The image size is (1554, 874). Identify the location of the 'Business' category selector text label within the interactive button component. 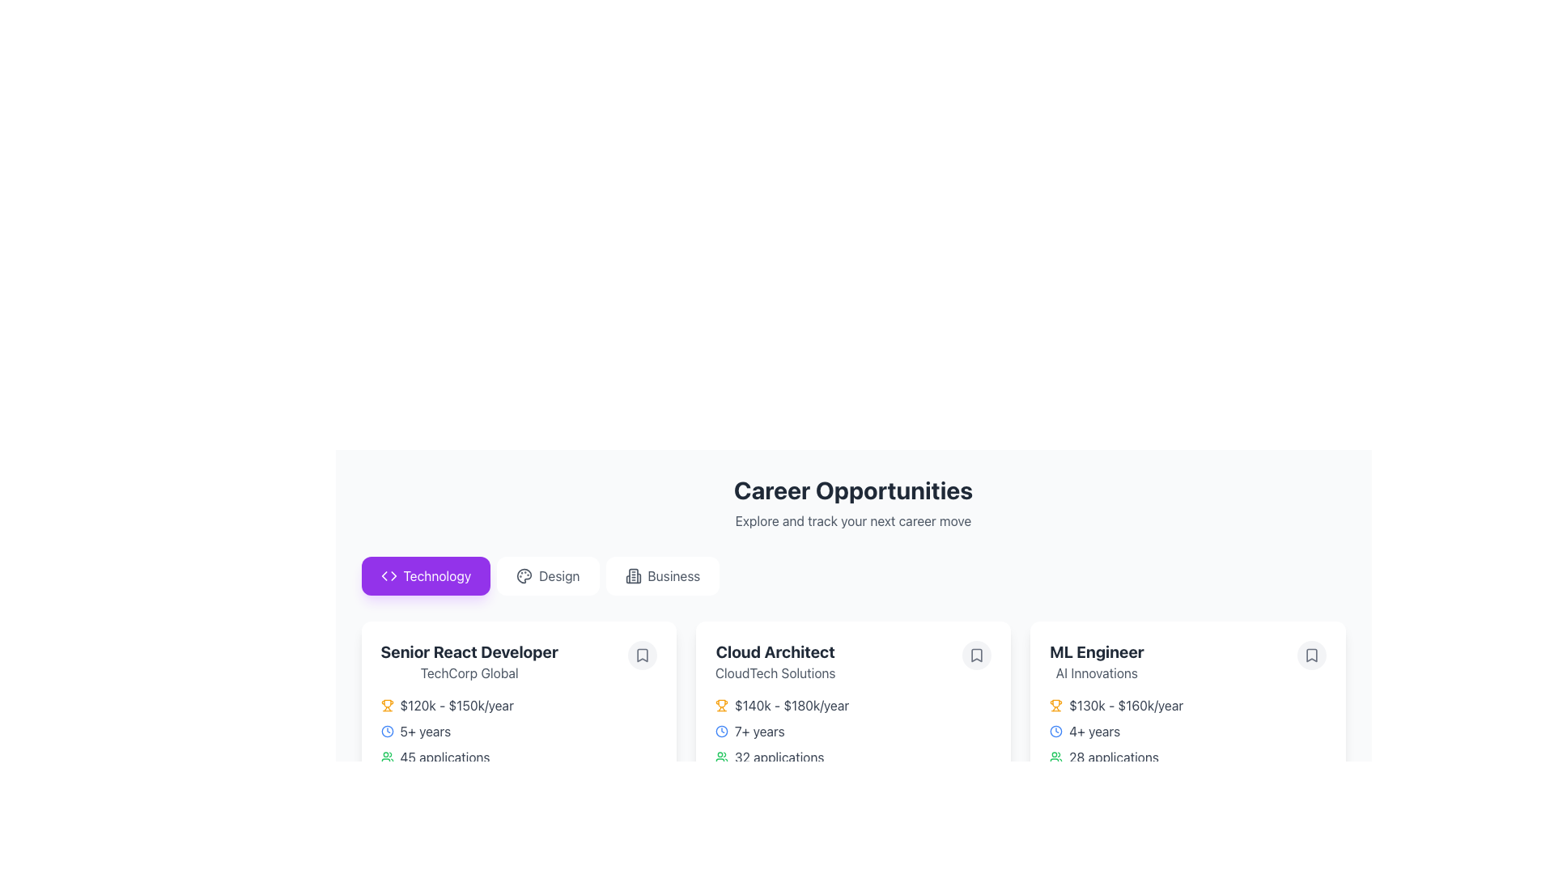
(673, 575).